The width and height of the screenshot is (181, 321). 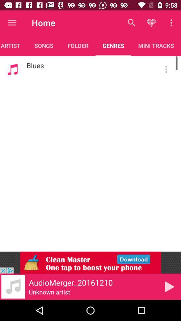 I want to click on this item, so click(x=169, y=286).